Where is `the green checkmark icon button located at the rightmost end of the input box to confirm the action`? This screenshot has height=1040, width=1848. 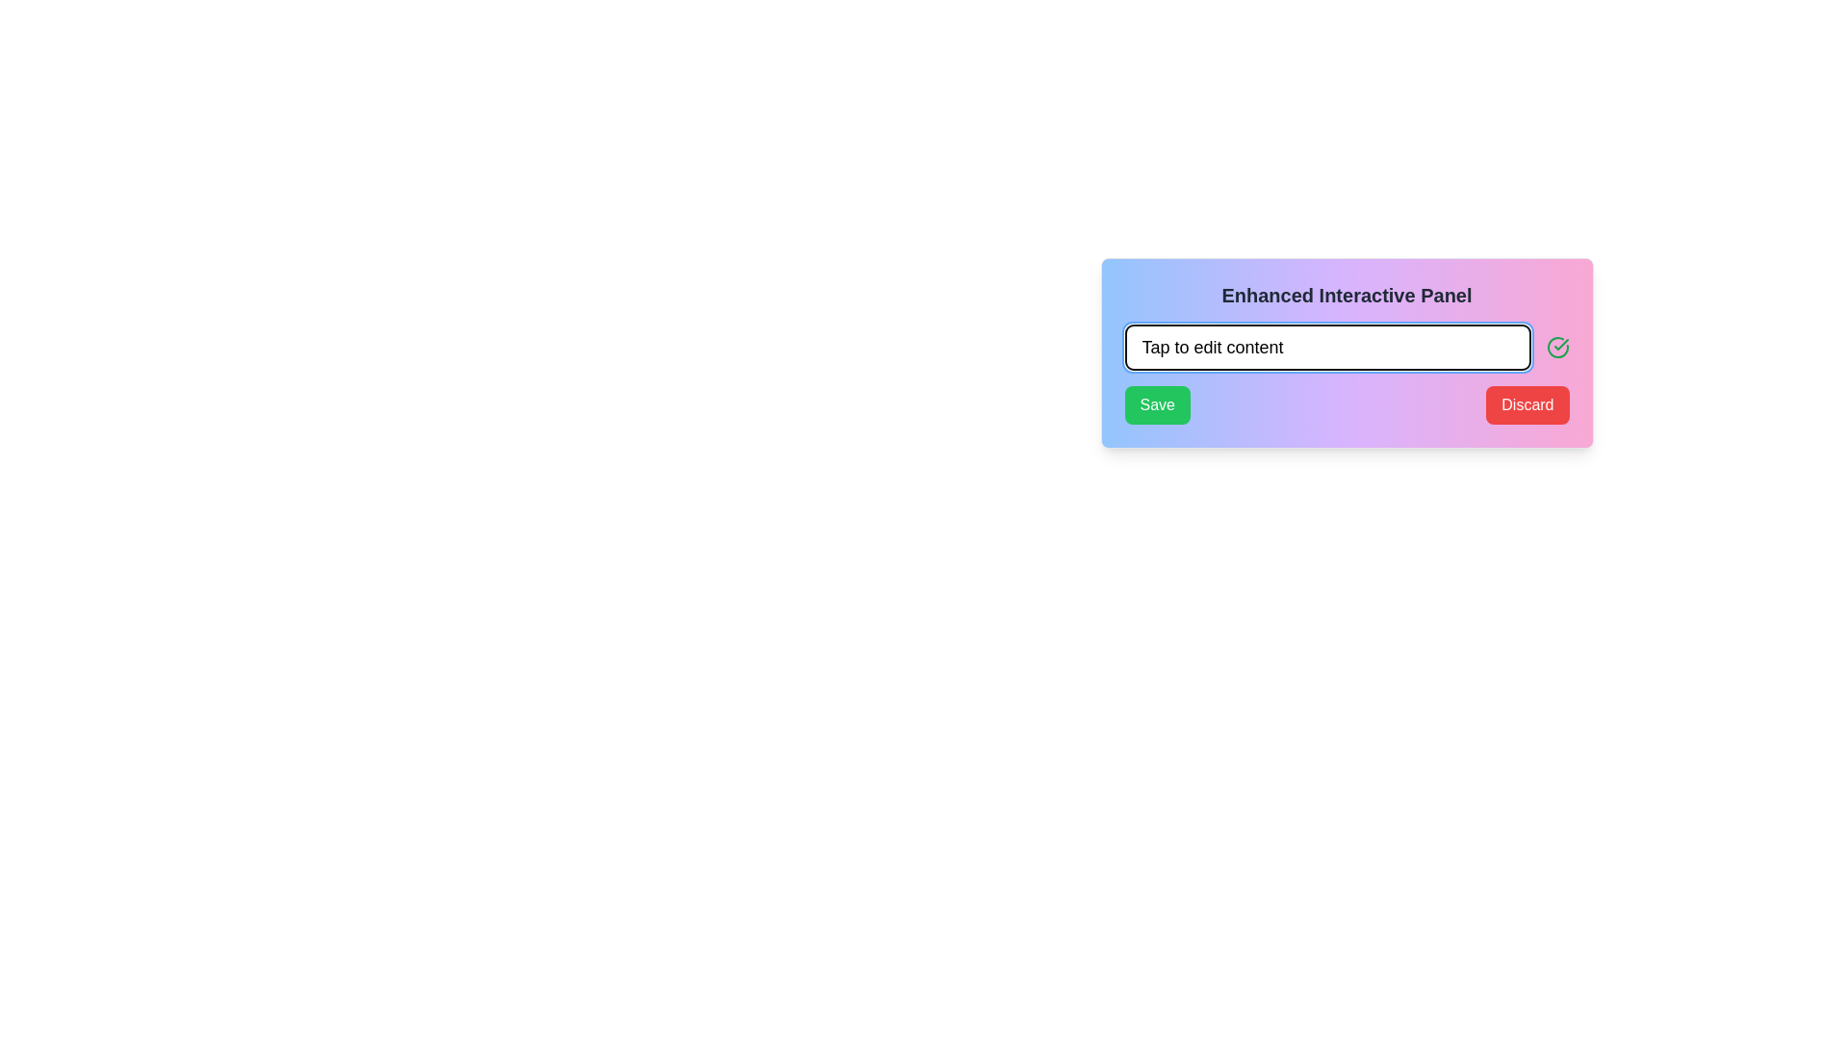
the green checkmark icon button located at the rightmost end of the input box to confirm the action is located at coordinates (1557, 348).